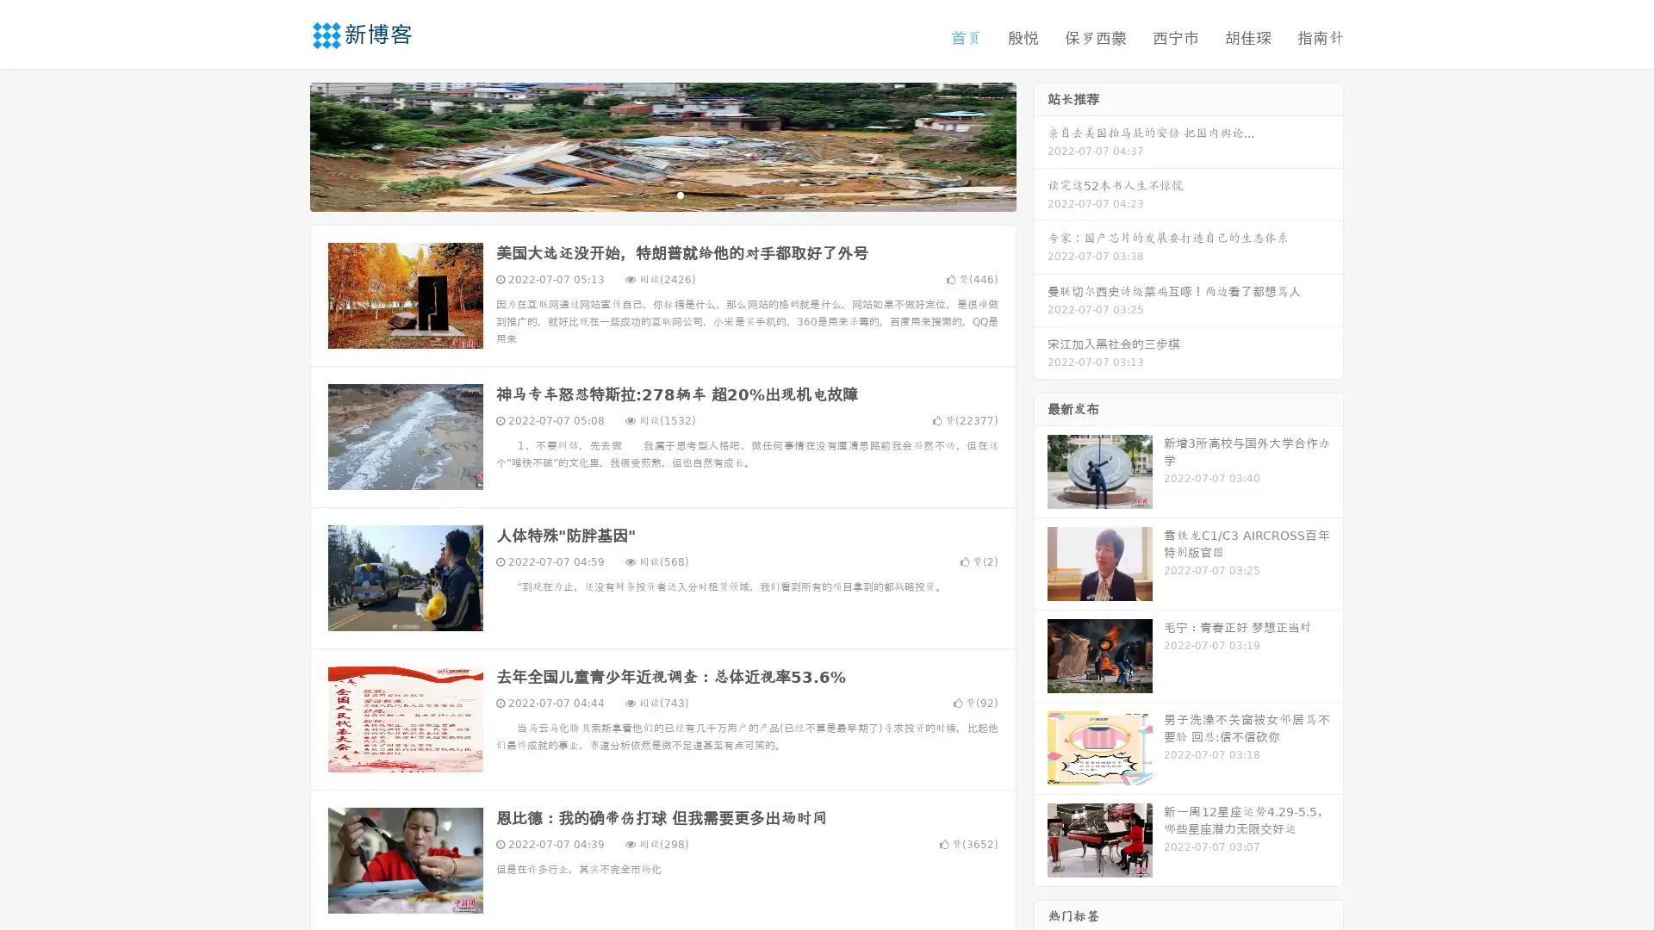 The width and height of the screenshot is (1654, 930). Describe the element at coordinates (680, 194) in the screenshot. I see `Go to slide 3` at that location.